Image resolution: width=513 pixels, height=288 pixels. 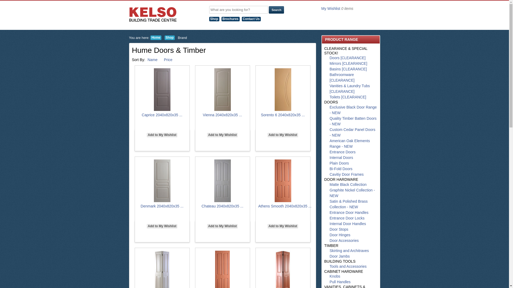 What do you see at coordinates (348, 69) in the screenshot?
I see `'Basins [CLEARANCE]'` at bounding box center [348, 69].